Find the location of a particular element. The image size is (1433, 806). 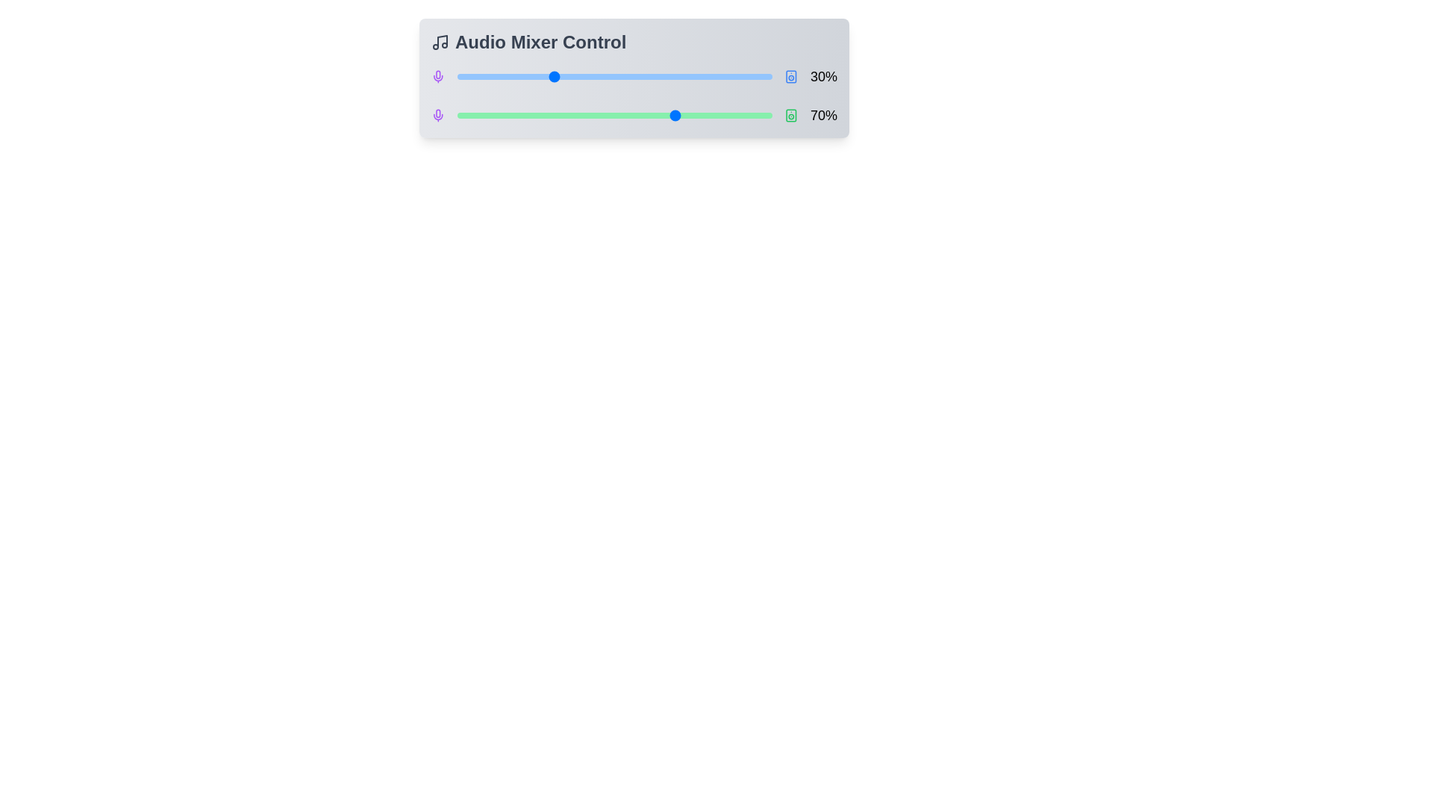

the slider is located at coordinates (501, 114).